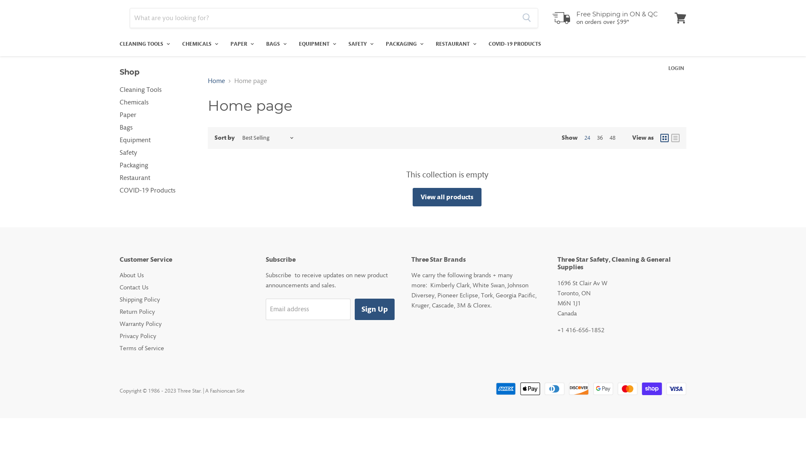  I want to click on 'COVID-19 Products', so click(147, 190).